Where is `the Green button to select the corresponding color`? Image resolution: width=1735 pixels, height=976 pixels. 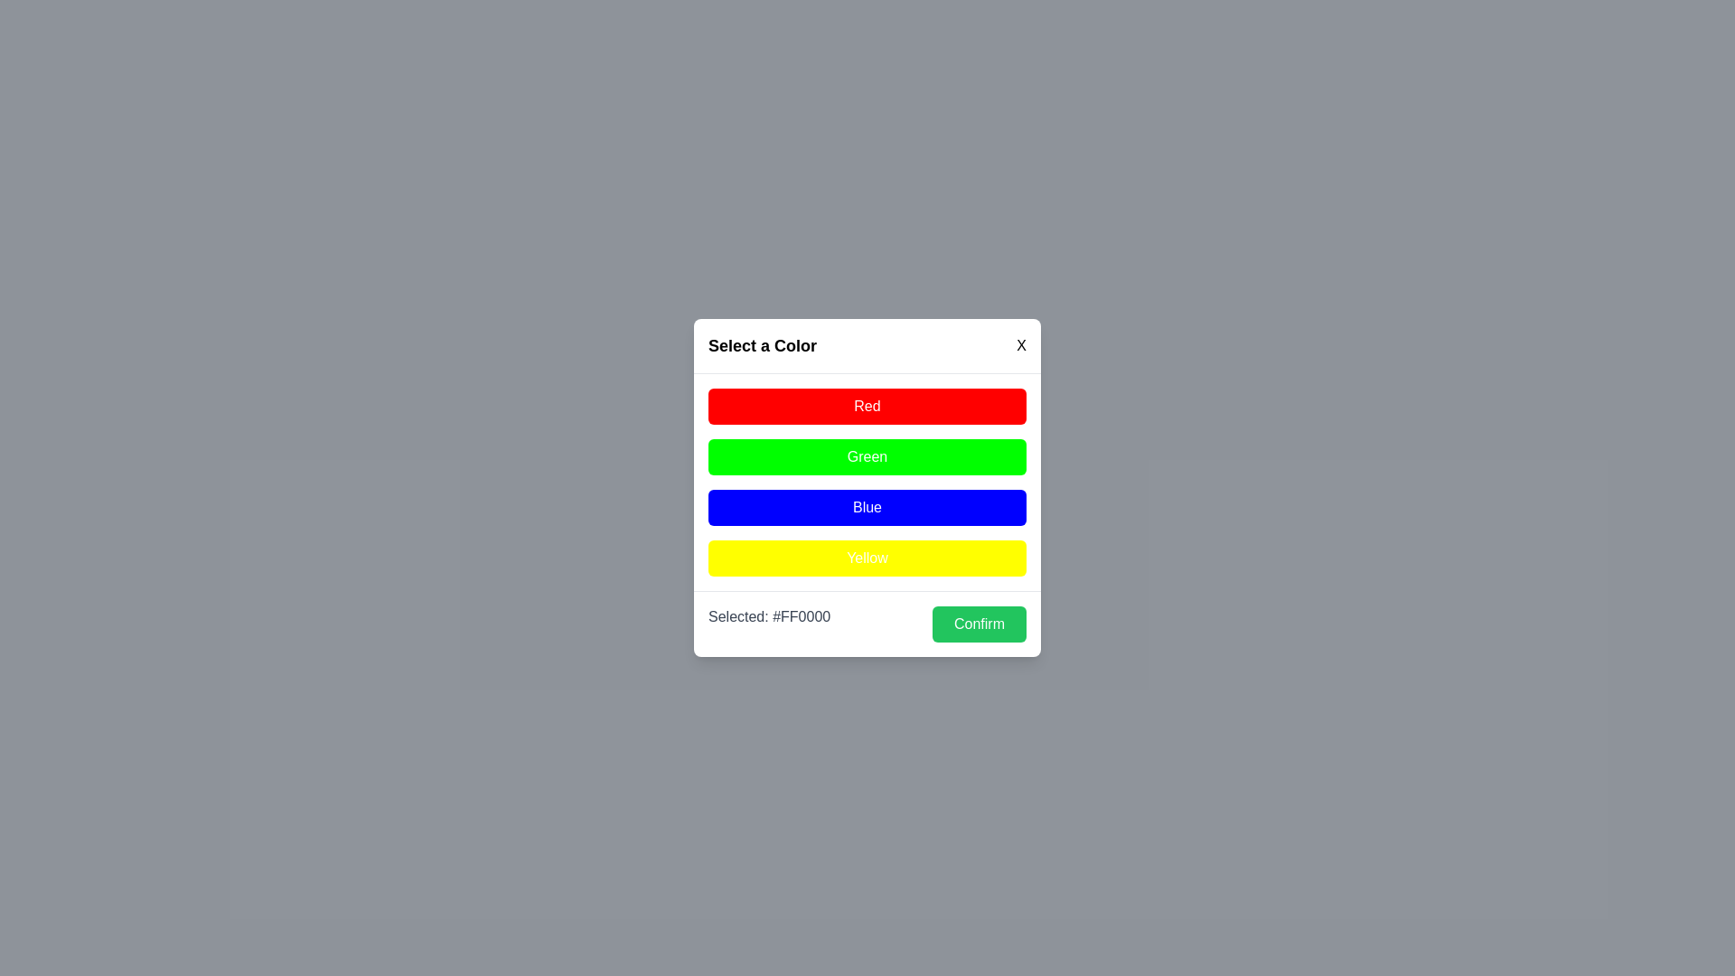 the Green button to select the corresponding color is located at coordinates (867, 455).